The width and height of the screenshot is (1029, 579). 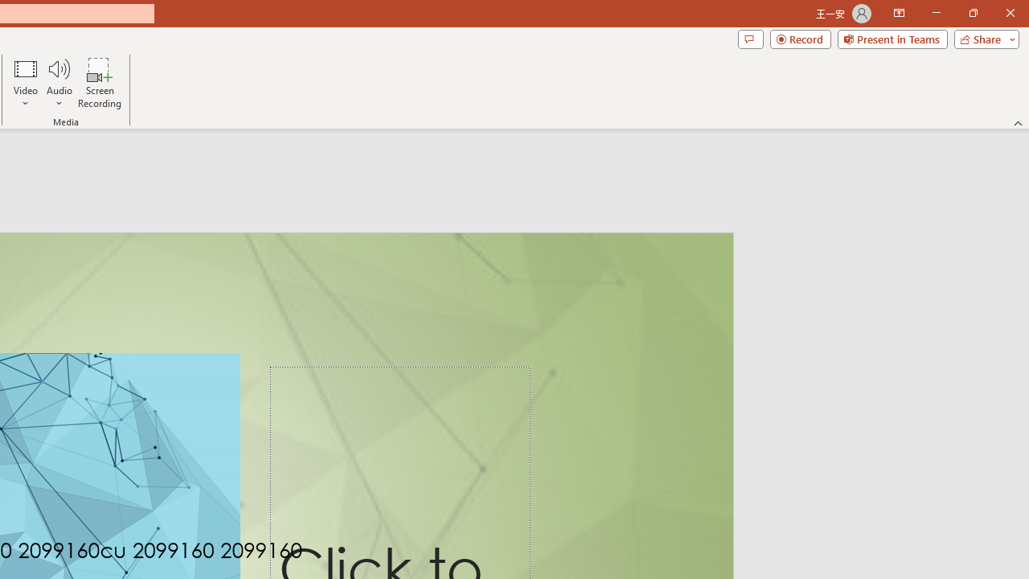 I want to click on 'Video', so click(x=26, y=83).